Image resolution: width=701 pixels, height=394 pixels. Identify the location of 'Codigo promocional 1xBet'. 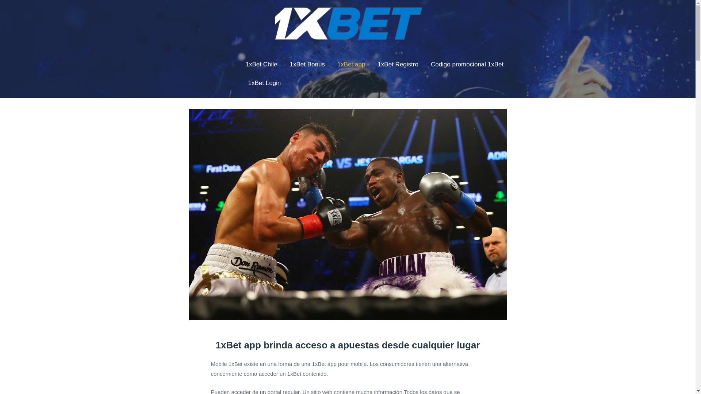
(428, 64).